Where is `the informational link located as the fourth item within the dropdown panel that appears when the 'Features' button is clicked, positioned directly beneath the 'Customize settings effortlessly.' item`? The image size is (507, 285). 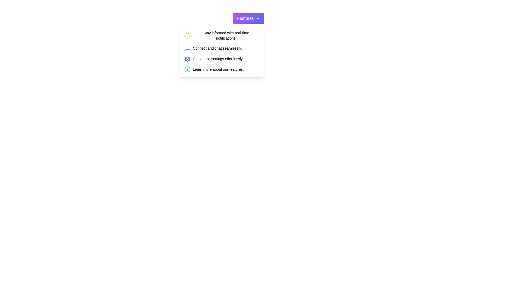 the informational link located as the fourth item within the dropdown panel that appears when the 'Features' button is clicked, positioned directly beneath the 'Customize settings effortlessly.' item is located at coordinates (222, 69).